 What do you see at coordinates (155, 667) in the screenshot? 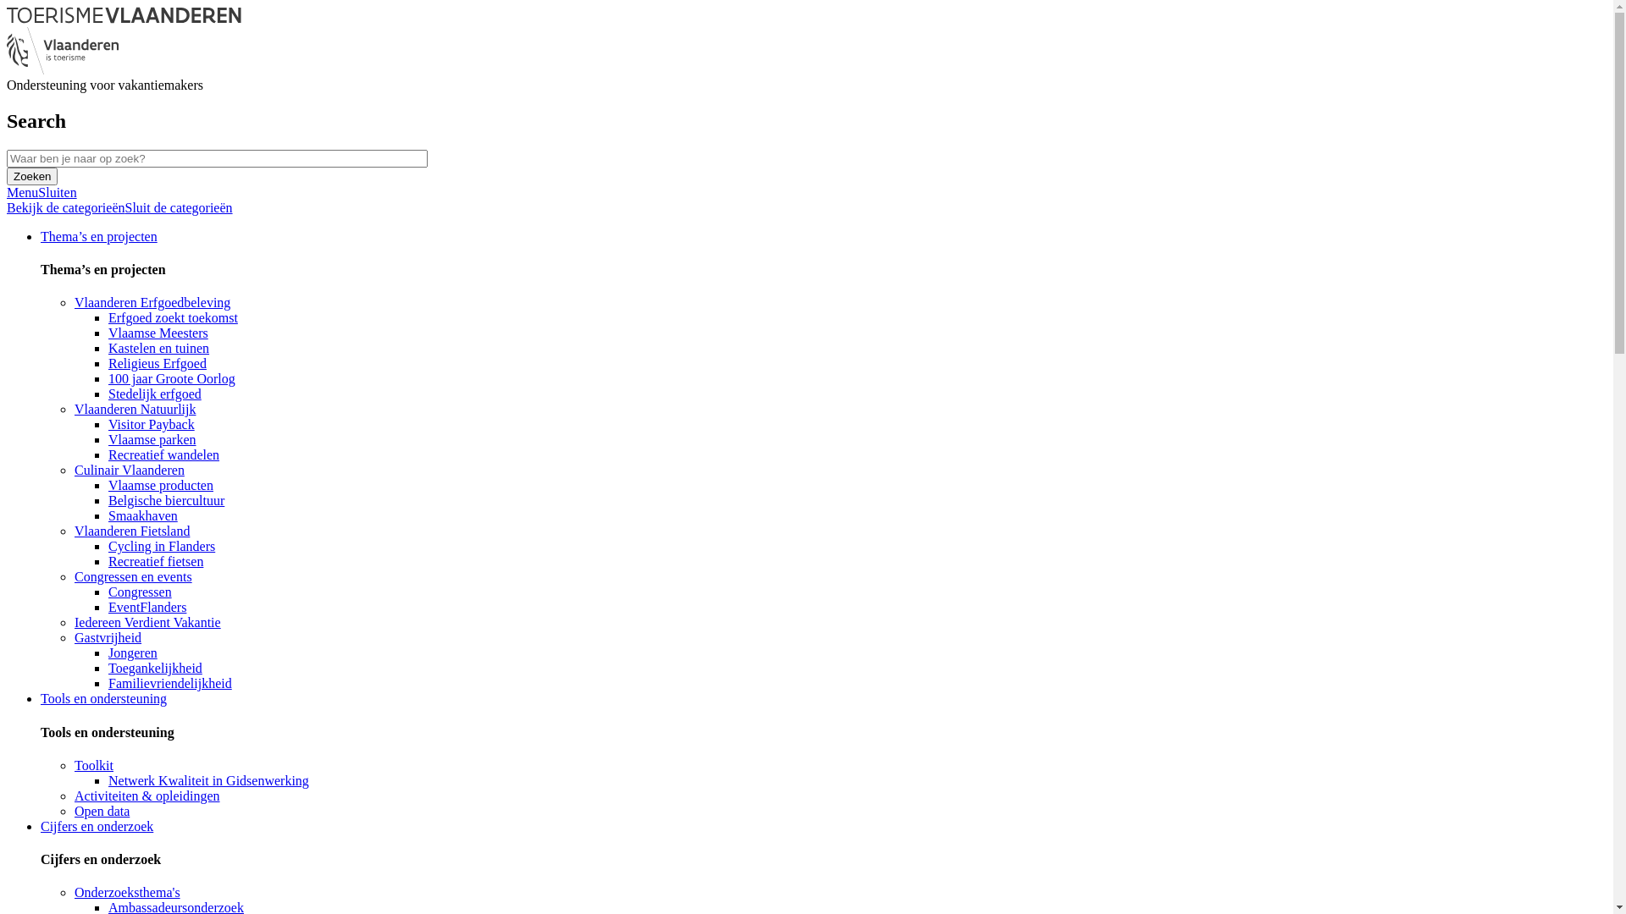
I see `'Toegankelijkheid'` at bounding box center [155, 667].